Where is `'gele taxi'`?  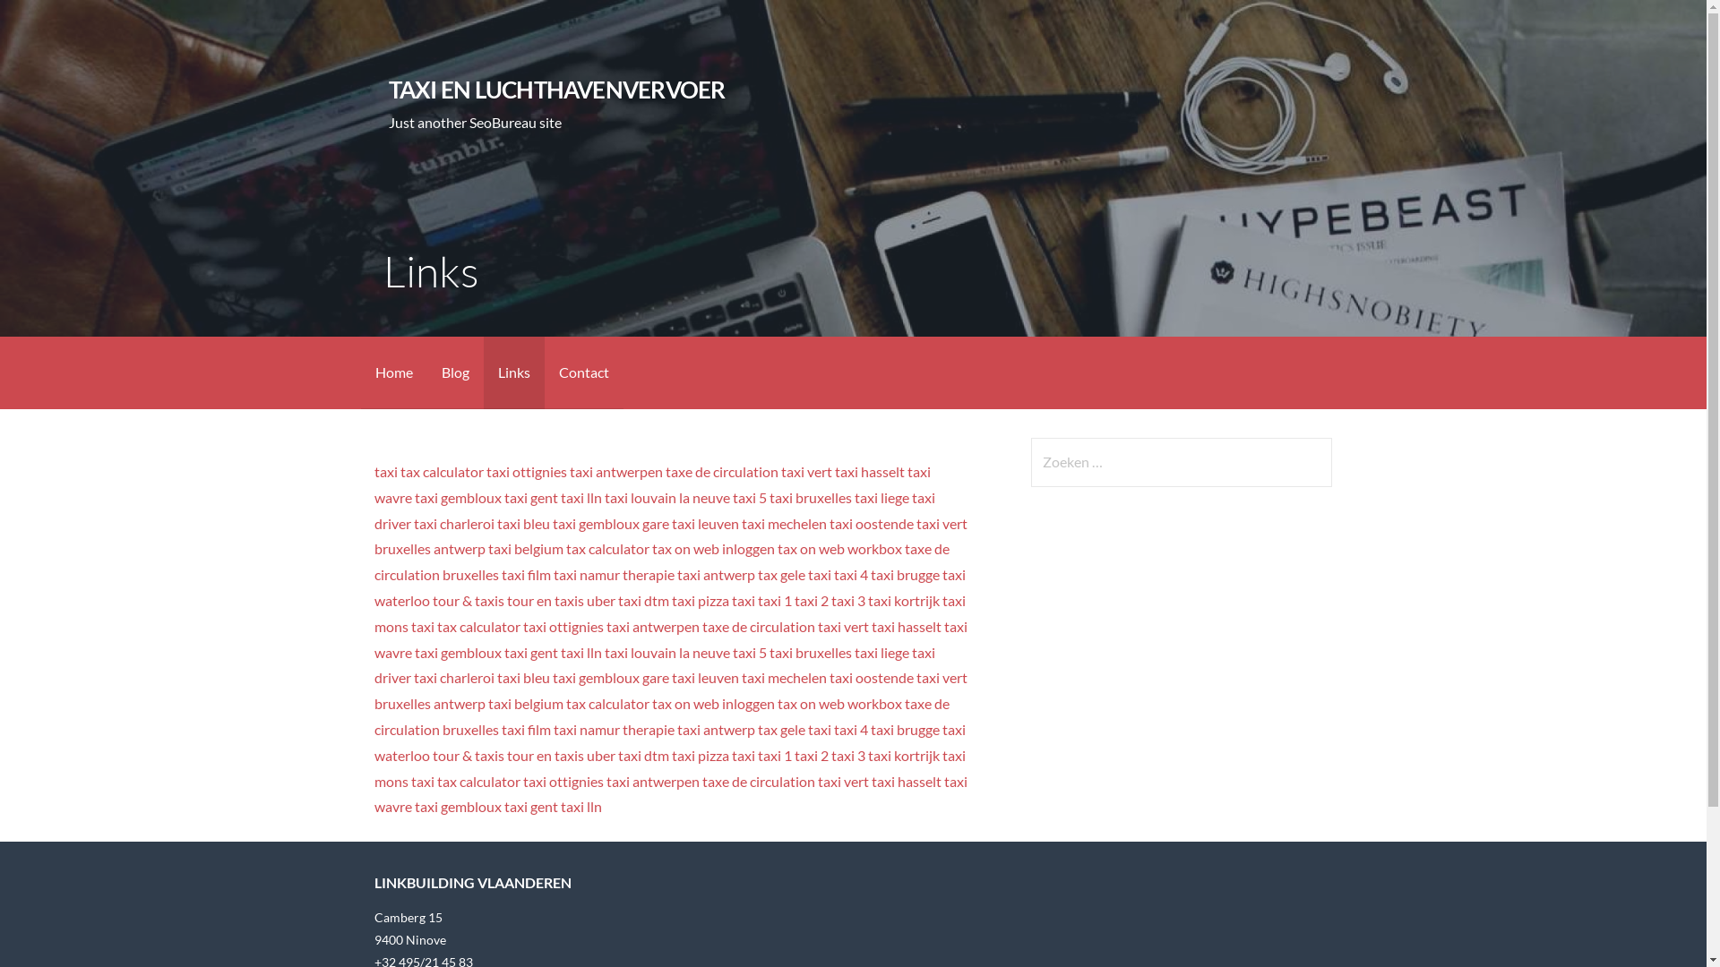 'gele taxi' is located at coordinates (804, 574).